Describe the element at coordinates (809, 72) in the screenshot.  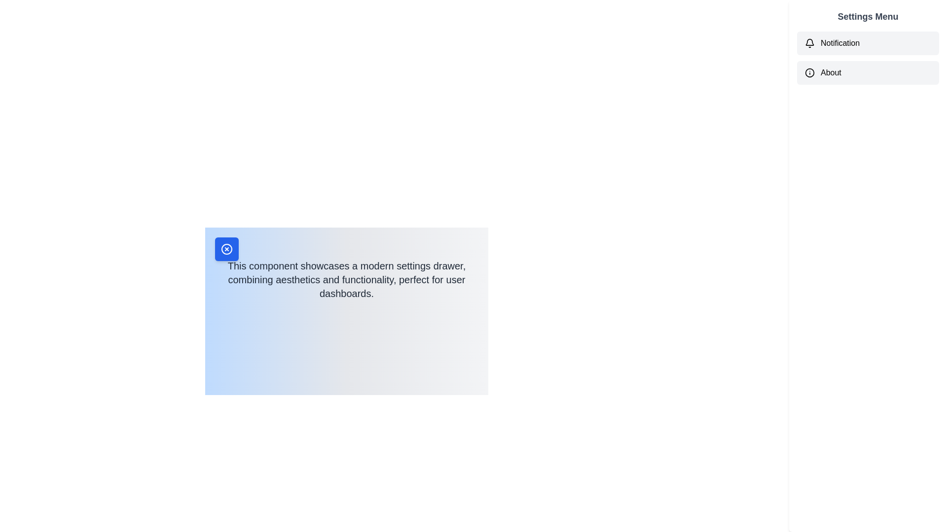
I see `the circle graphic element with a thin border located to the left of the 'About' menu item in the 'Settings Menu' section` at that location.